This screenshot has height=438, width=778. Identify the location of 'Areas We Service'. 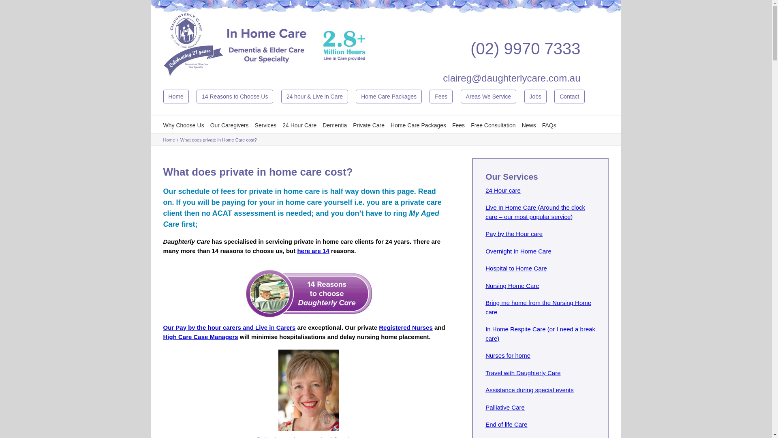
(488, 96).